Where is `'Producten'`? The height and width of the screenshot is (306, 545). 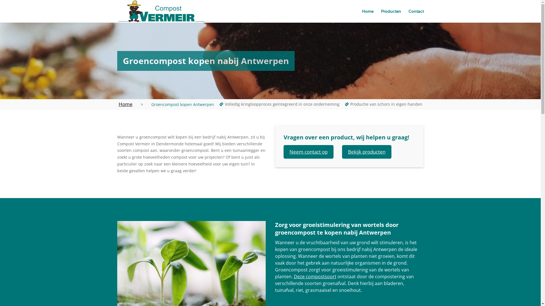 'Producten' is located at coordinates (391, 11).